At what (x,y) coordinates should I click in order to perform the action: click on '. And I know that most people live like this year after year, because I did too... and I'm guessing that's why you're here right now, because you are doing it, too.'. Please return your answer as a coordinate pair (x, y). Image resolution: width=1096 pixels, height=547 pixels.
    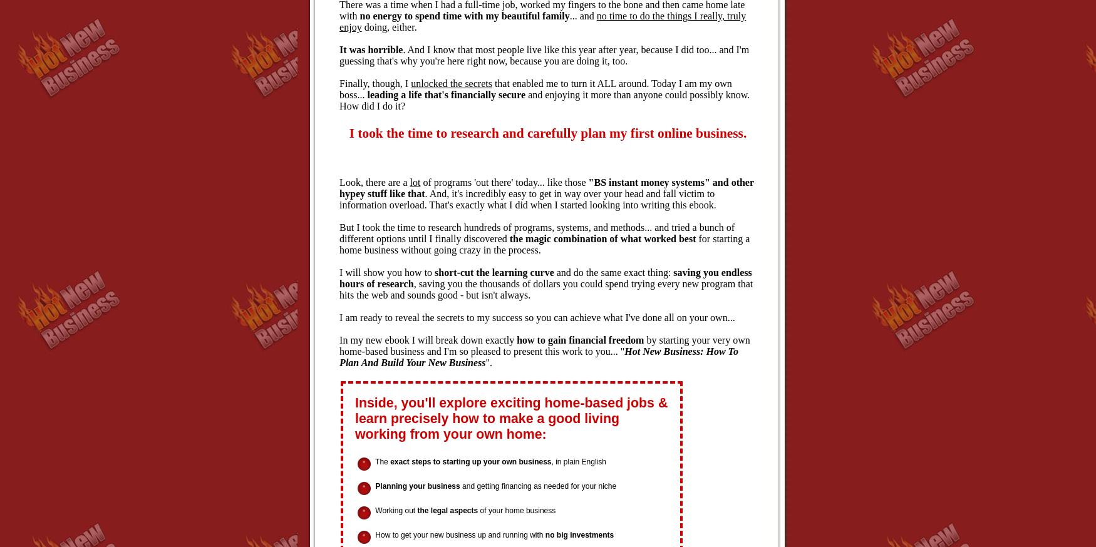
    Looking at the image, I should click on (544, 55).